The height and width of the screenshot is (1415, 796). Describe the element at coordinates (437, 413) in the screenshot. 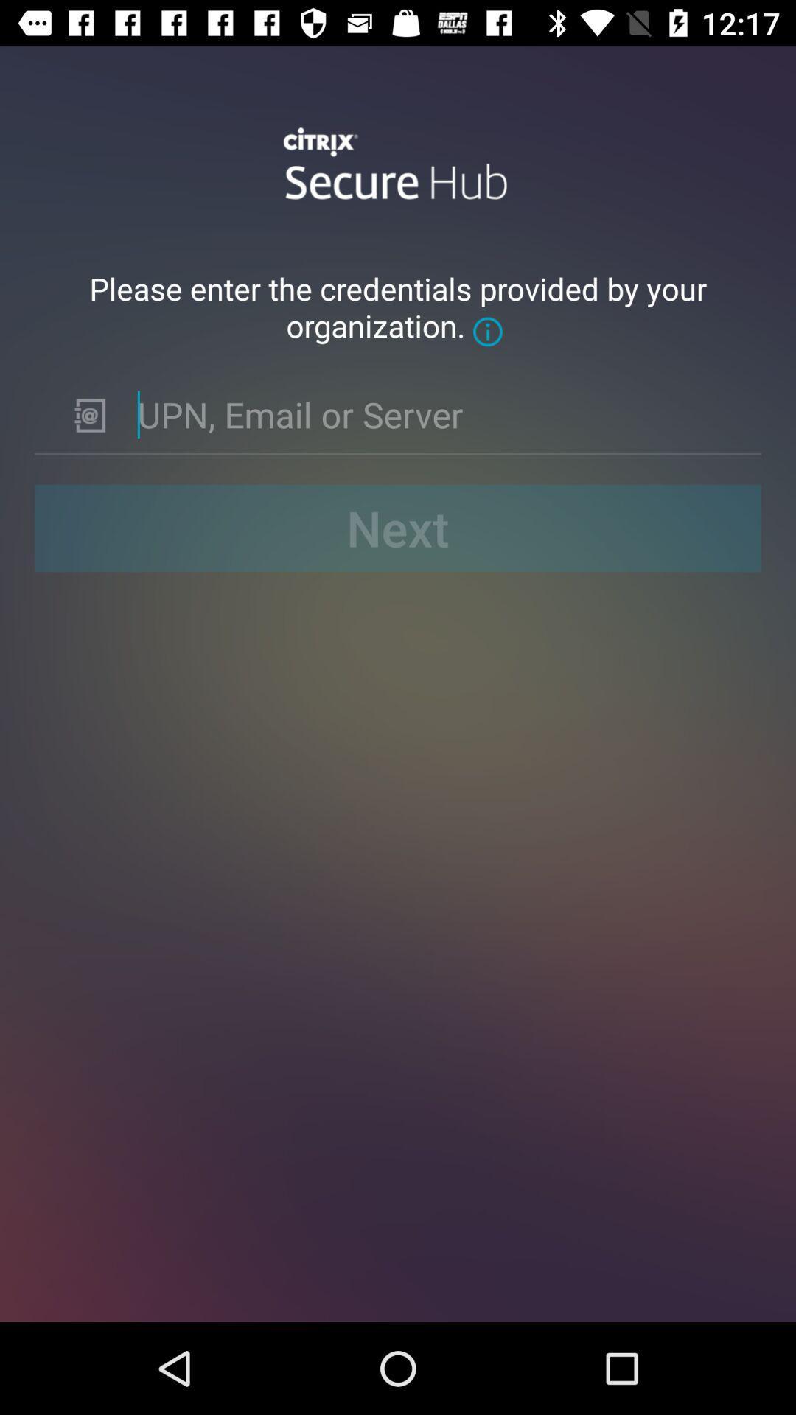

I see `input info` at that location.